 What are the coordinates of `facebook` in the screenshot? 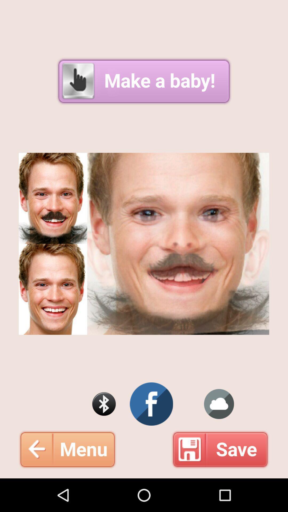 It's located at (151, 404).